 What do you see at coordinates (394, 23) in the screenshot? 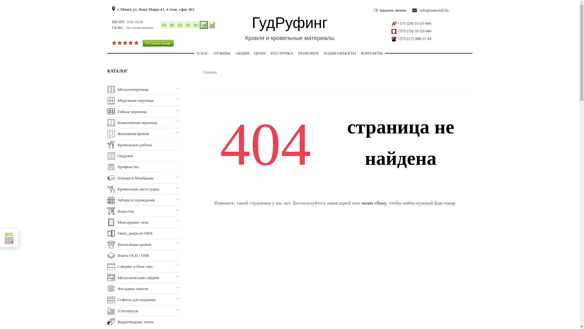
I see `'a1'` at bounding box center [394, 23].